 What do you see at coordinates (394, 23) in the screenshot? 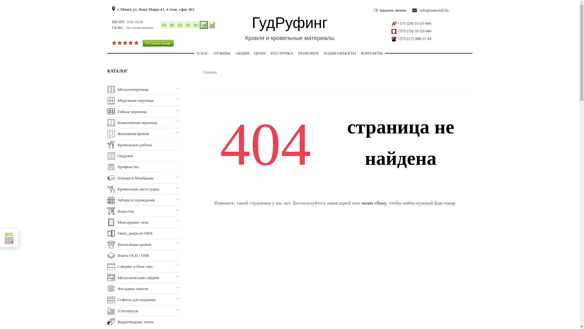
I see `'a1'` at bounding box center [394, 23].